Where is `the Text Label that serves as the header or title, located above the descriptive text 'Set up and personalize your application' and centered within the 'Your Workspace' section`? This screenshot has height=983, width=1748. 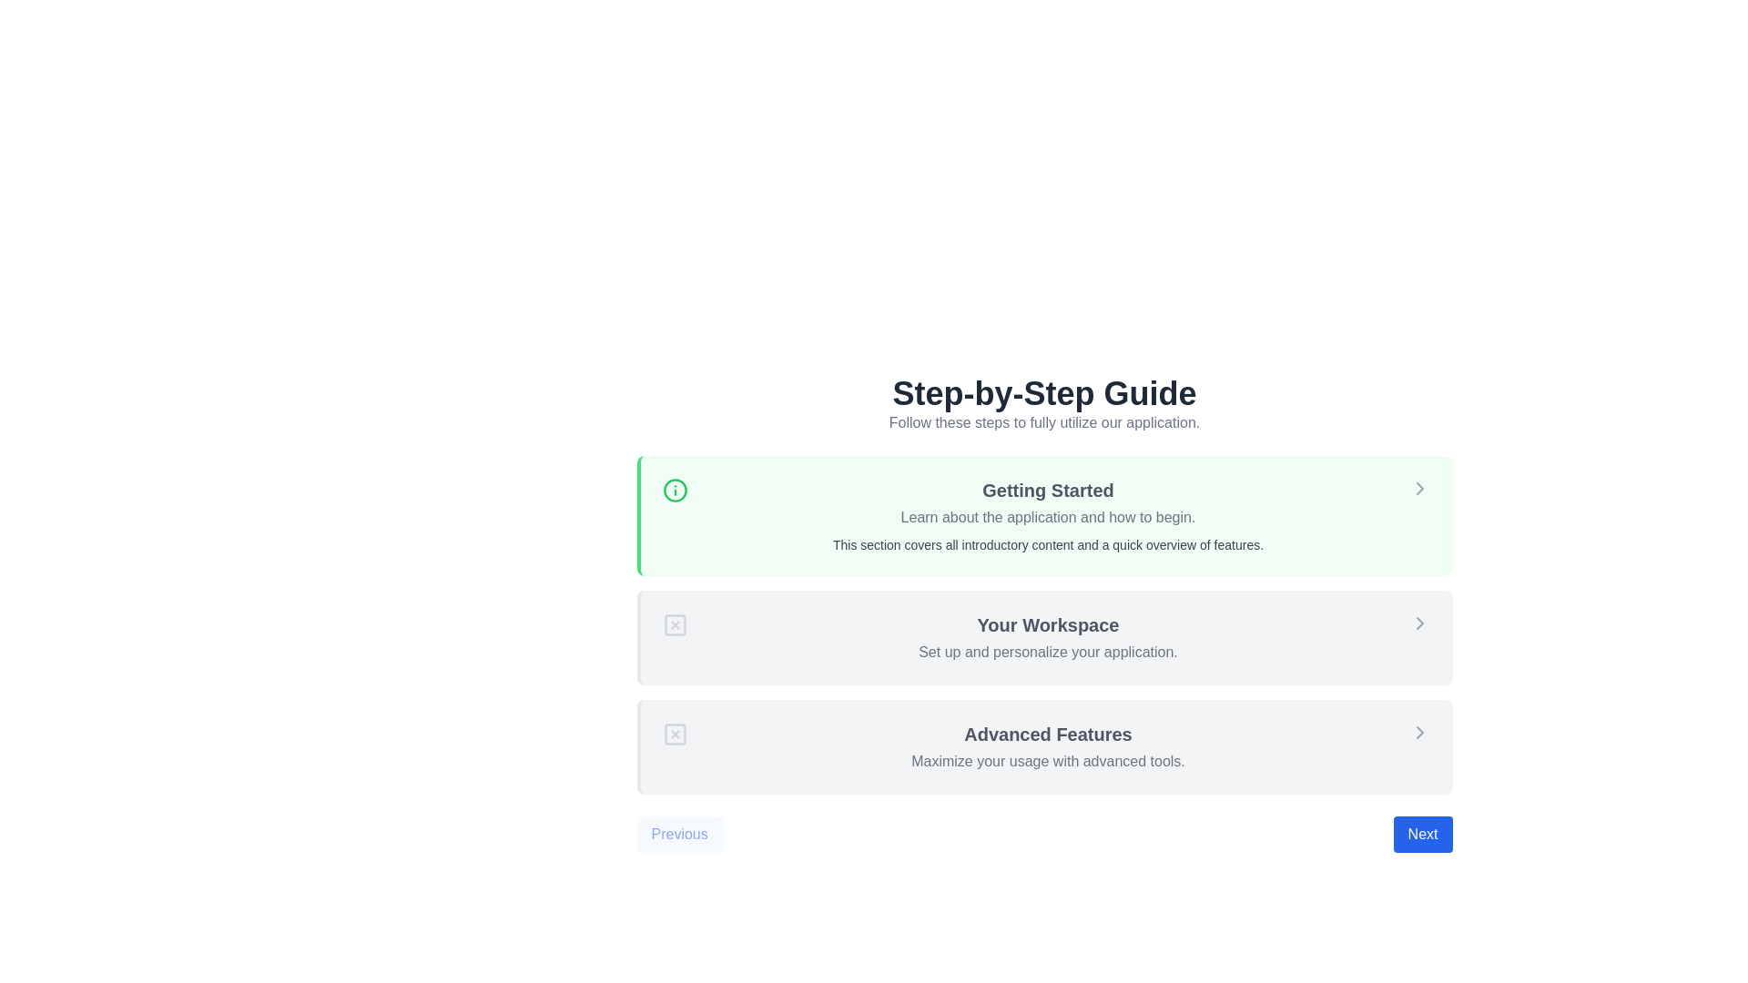
the Text Label that serves as the header or title, located above the descriptive text 'Set up and personalize your application' and centered within the 'Your Workspace' section is located at coordinates (1048, 623).